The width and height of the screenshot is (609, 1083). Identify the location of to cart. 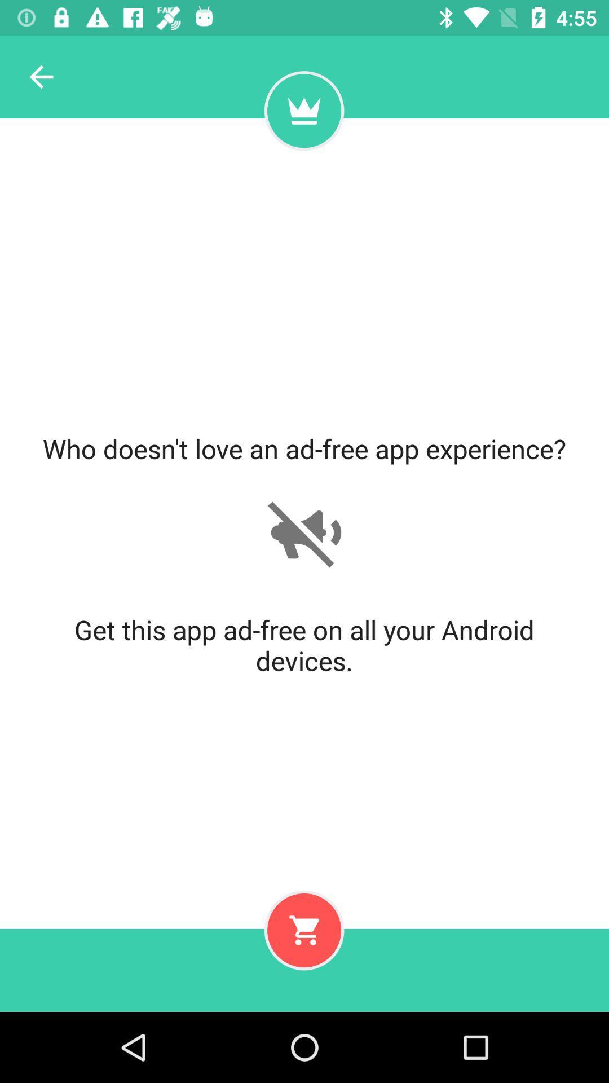
(303, 930).